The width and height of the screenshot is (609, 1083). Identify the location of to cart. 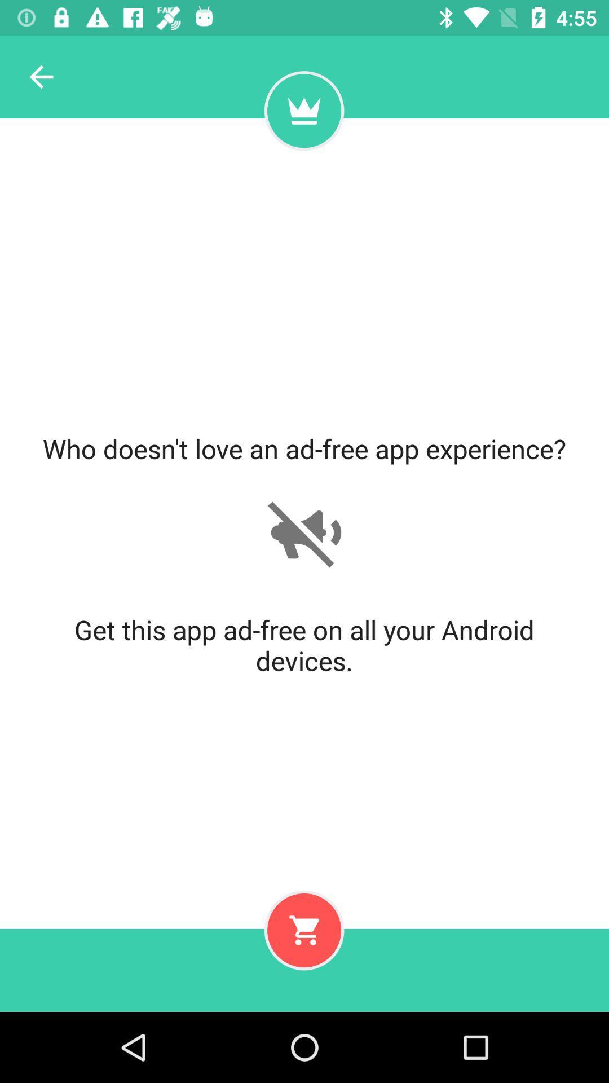
(303, 930).